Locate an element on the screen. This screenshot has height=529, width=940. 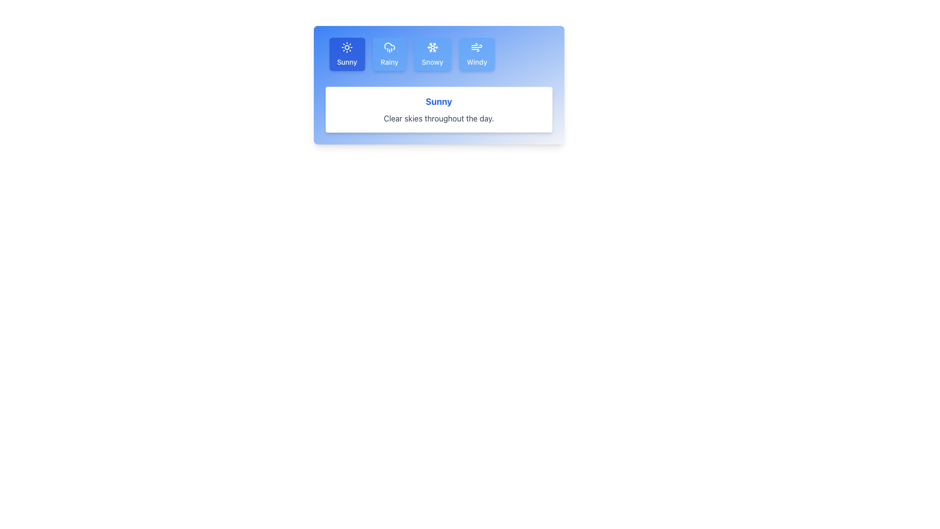
the windy weather icon located in the top-right corner of the 'Windy' block, which serves as a visual representation of wind conditions is located at coordinates (477, 47).